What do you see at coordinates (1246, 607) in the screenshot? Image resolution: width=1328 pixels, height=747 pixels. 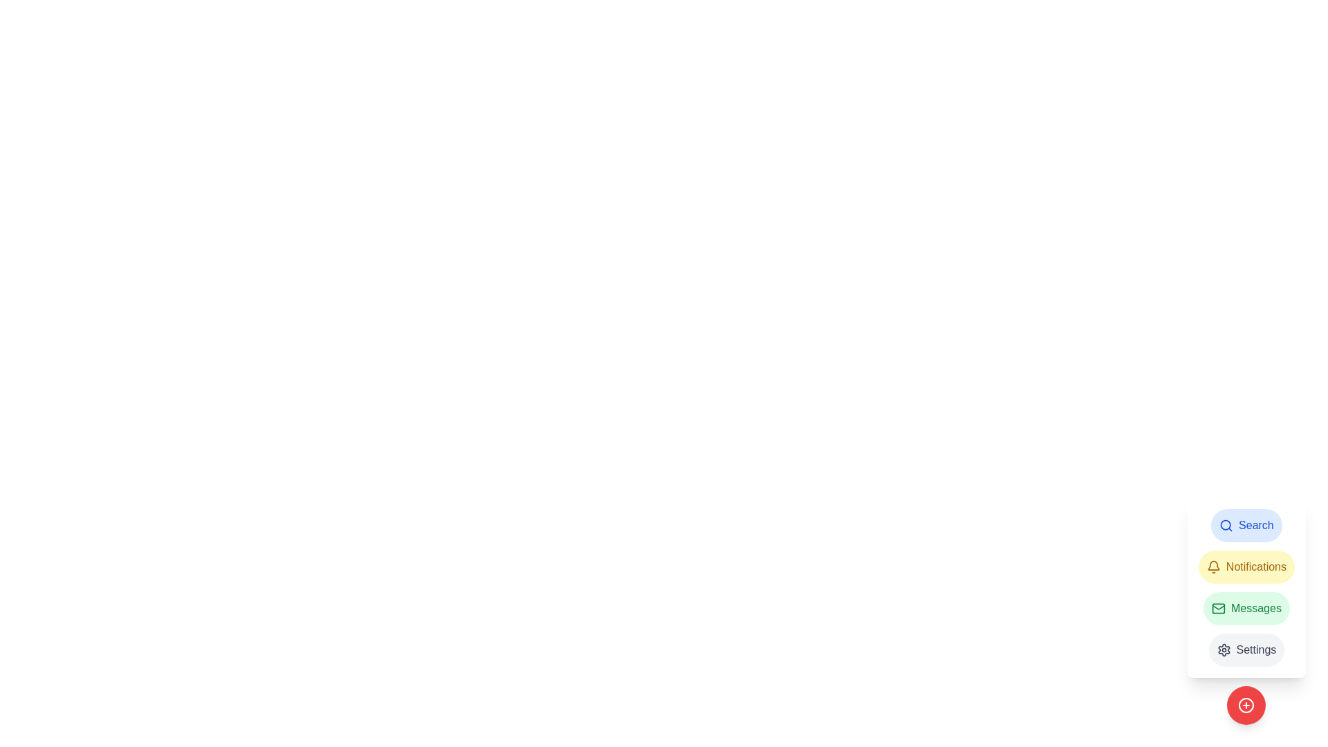 I see `the 'Messages' button, which has a rounded rectangular shape with a green background and darker green text, and is located third from the top` at bounding box center [1246, 607].